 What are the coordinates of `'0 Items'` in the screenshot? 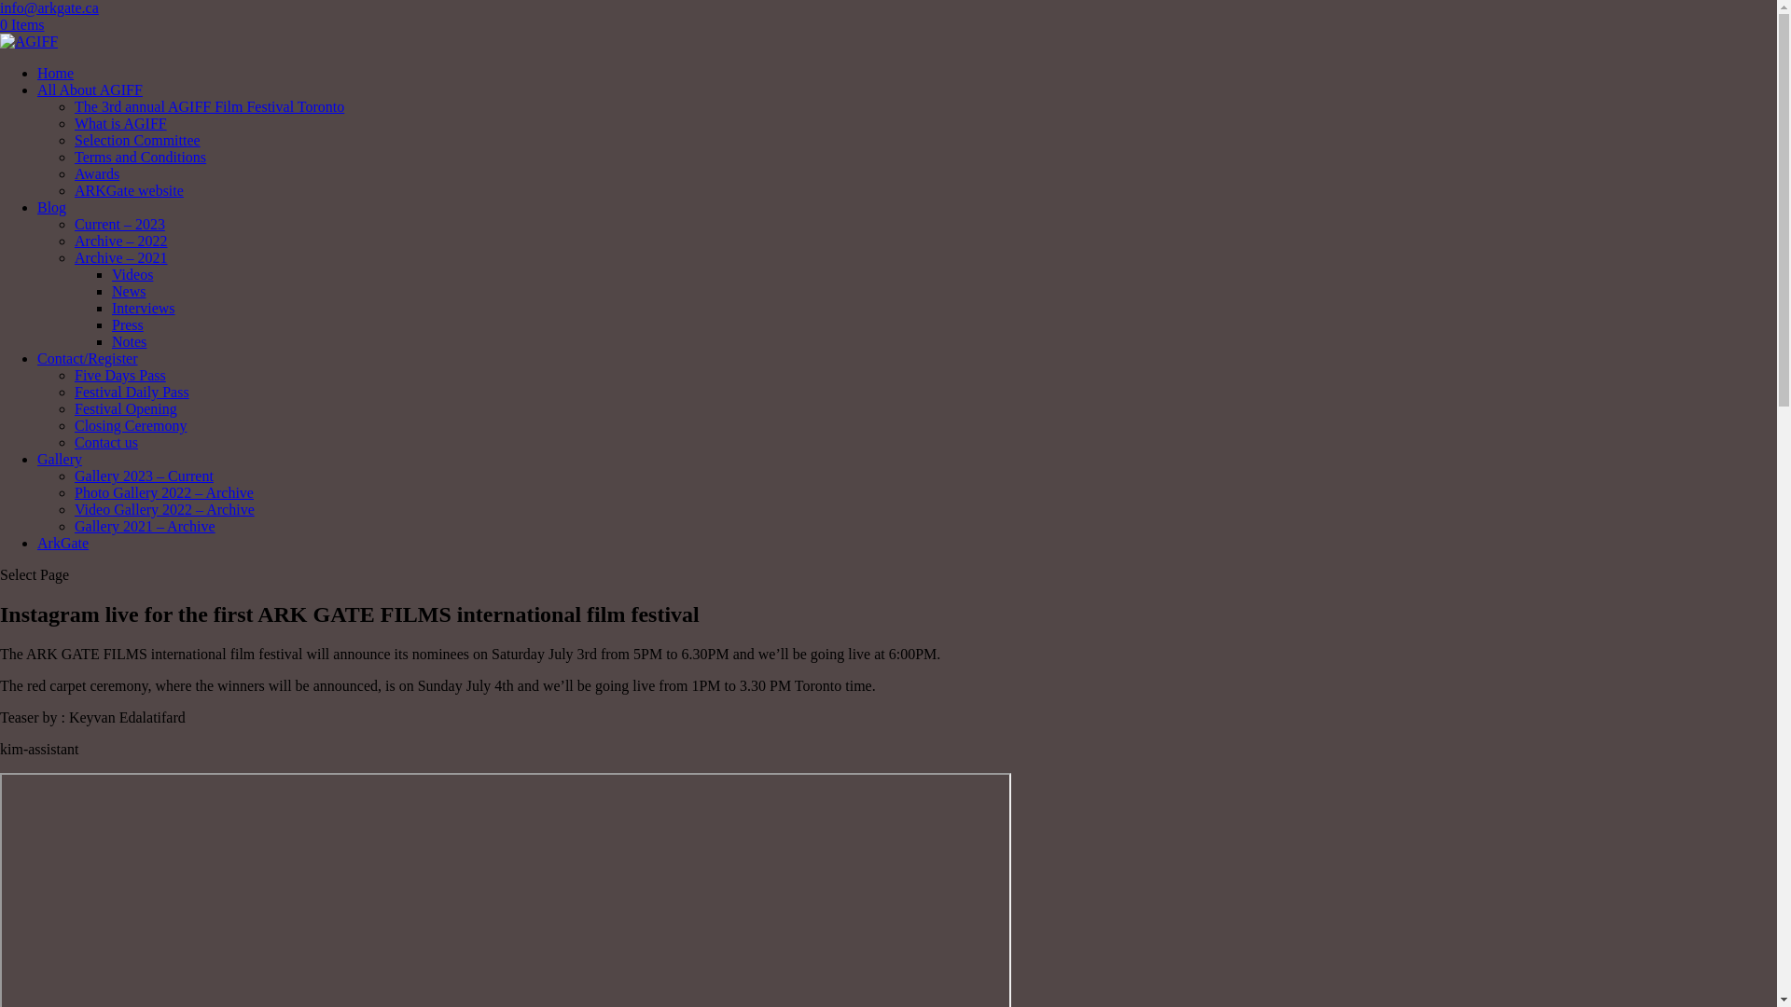 It's located at (22, 24).